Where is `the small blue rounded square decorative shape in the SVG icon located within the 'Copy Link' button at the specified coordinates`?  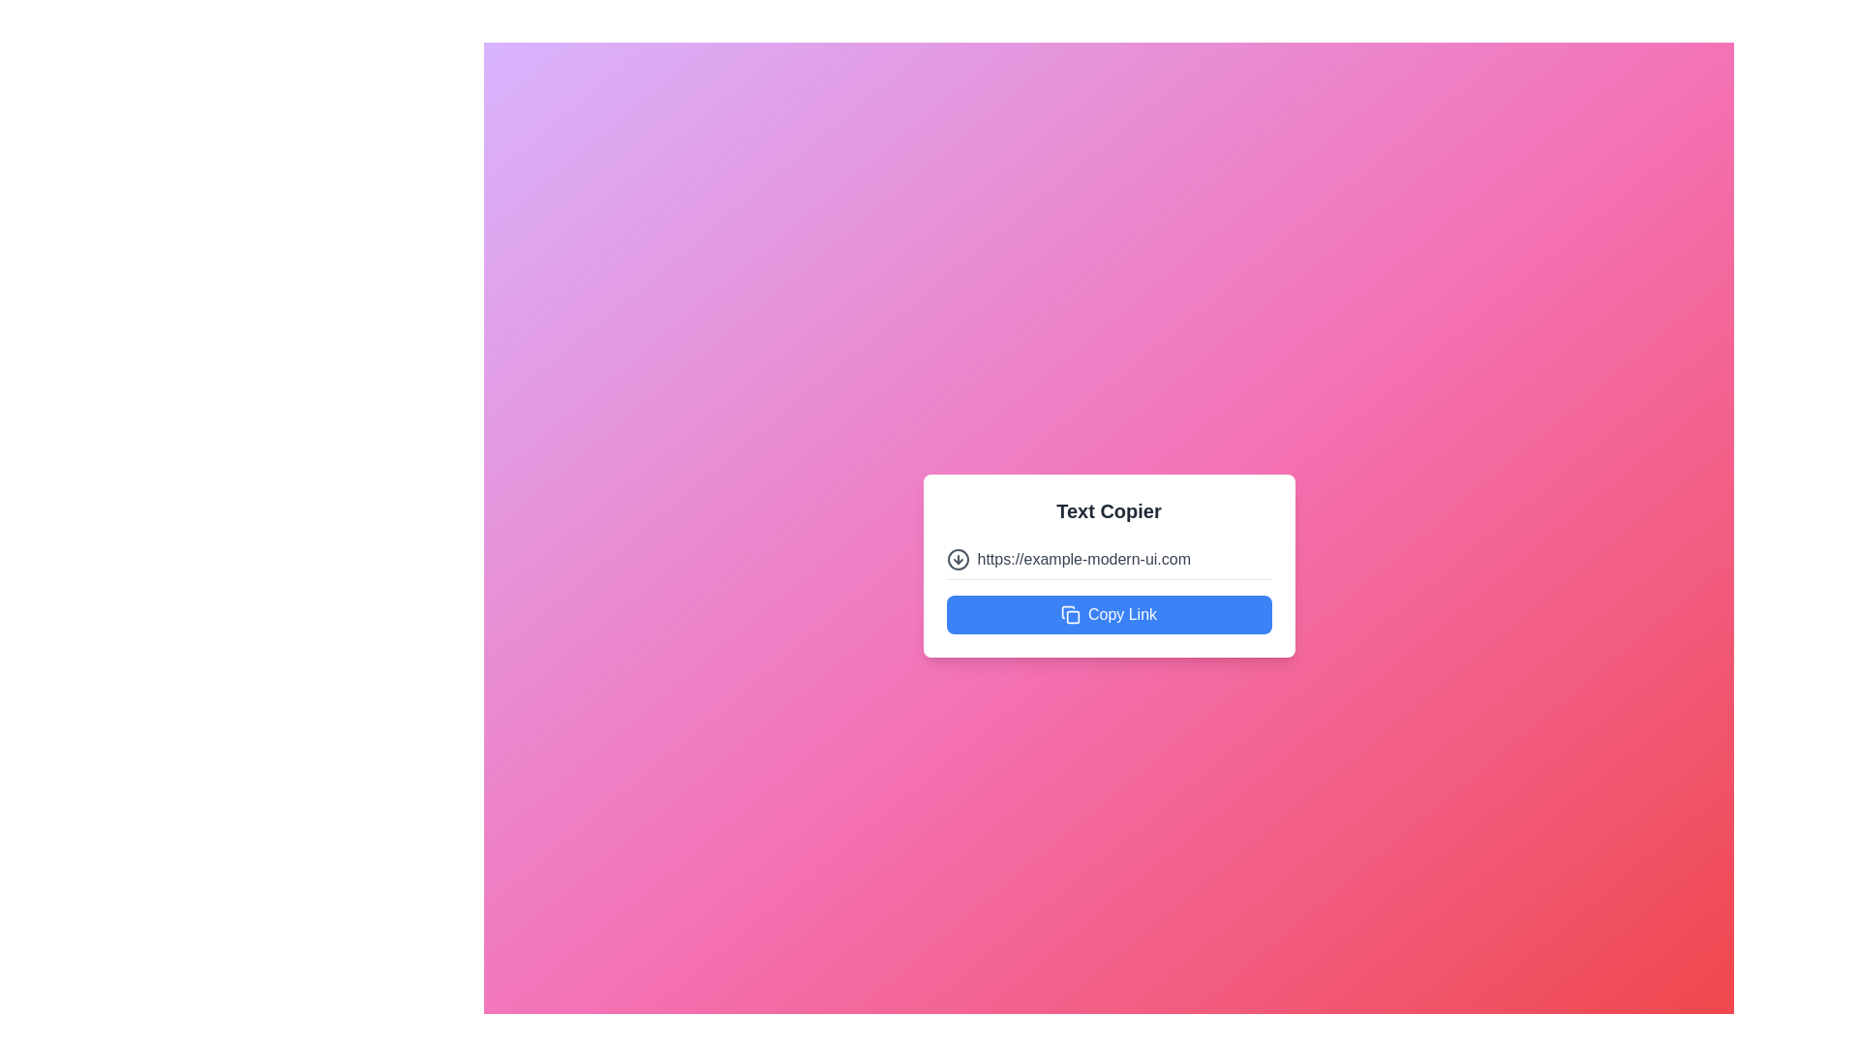 the small blue rounded square decorative shape in the SVG icon located within the 'Copy Link' button at the specified coordinates is located at coordinates (1072, 616).